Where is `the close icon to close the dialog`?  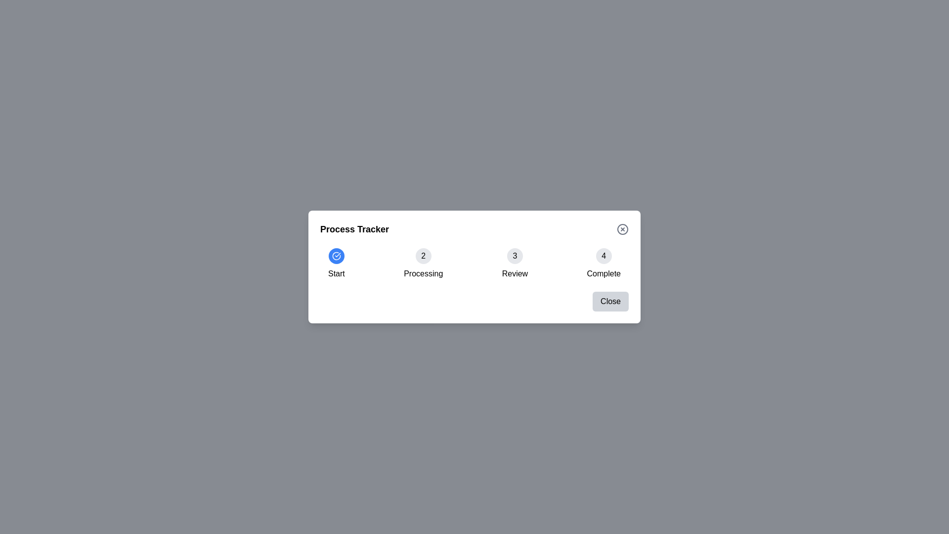
the close icon to close the dialog is located at coordinates (622, 229).